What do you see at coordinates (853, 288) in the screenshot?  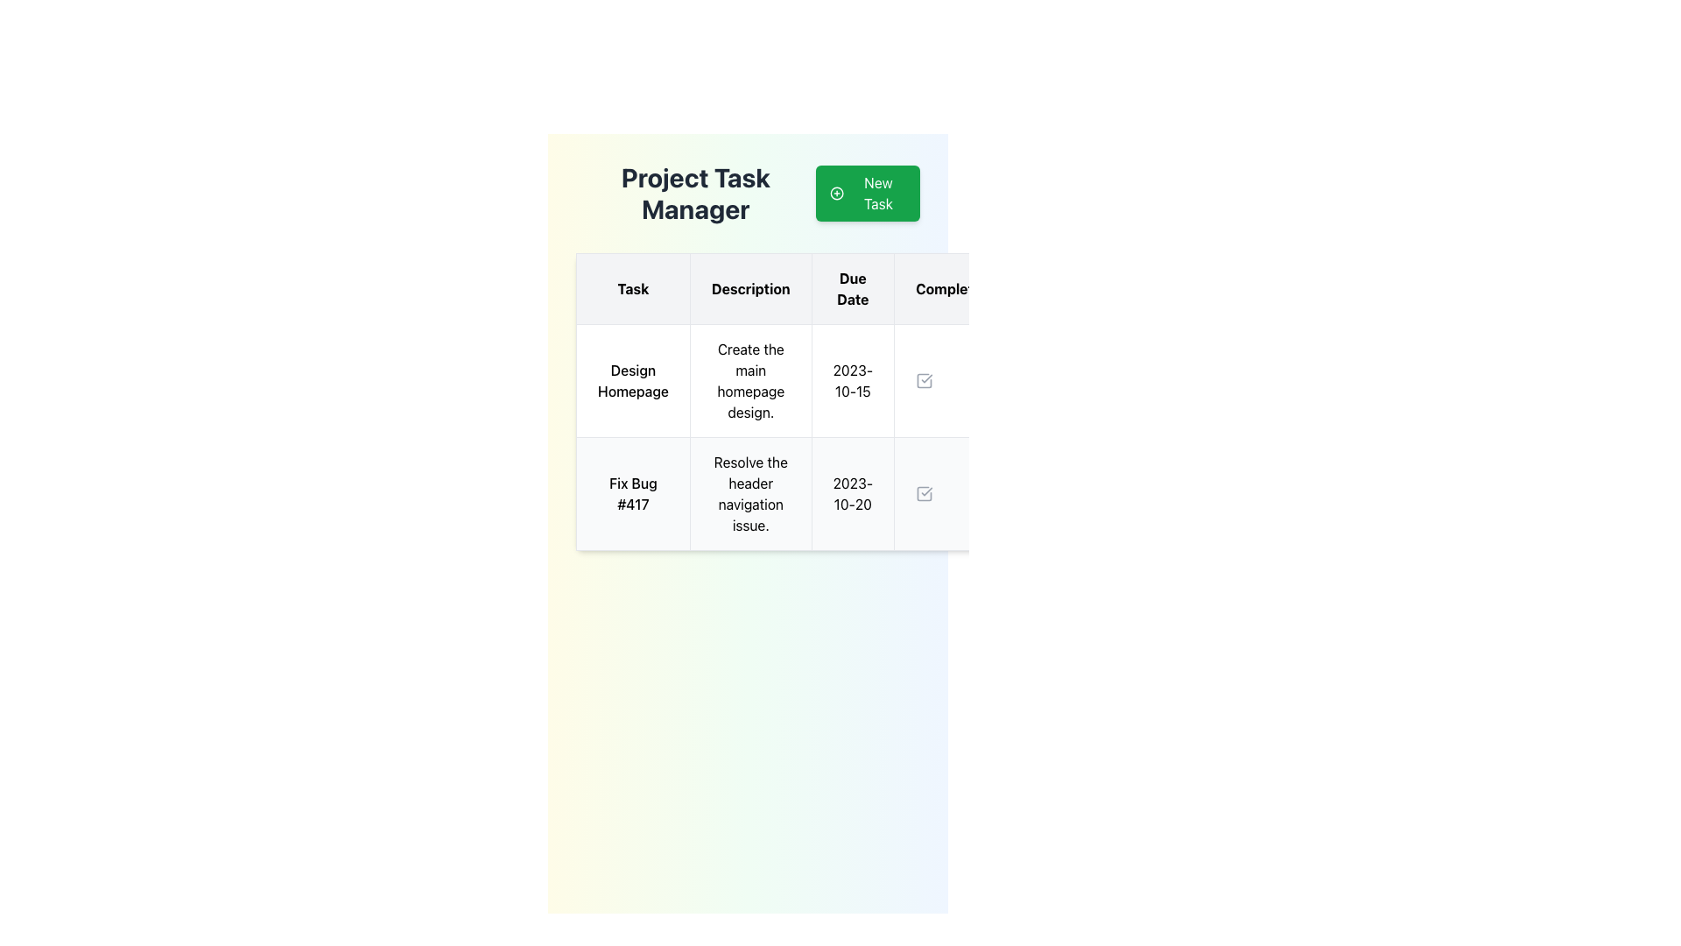 I see `the 'Due Date' column header in the task management table, which is the third column header positioned between 'Description' and 'Complete'` at bounding box center [853, 288].